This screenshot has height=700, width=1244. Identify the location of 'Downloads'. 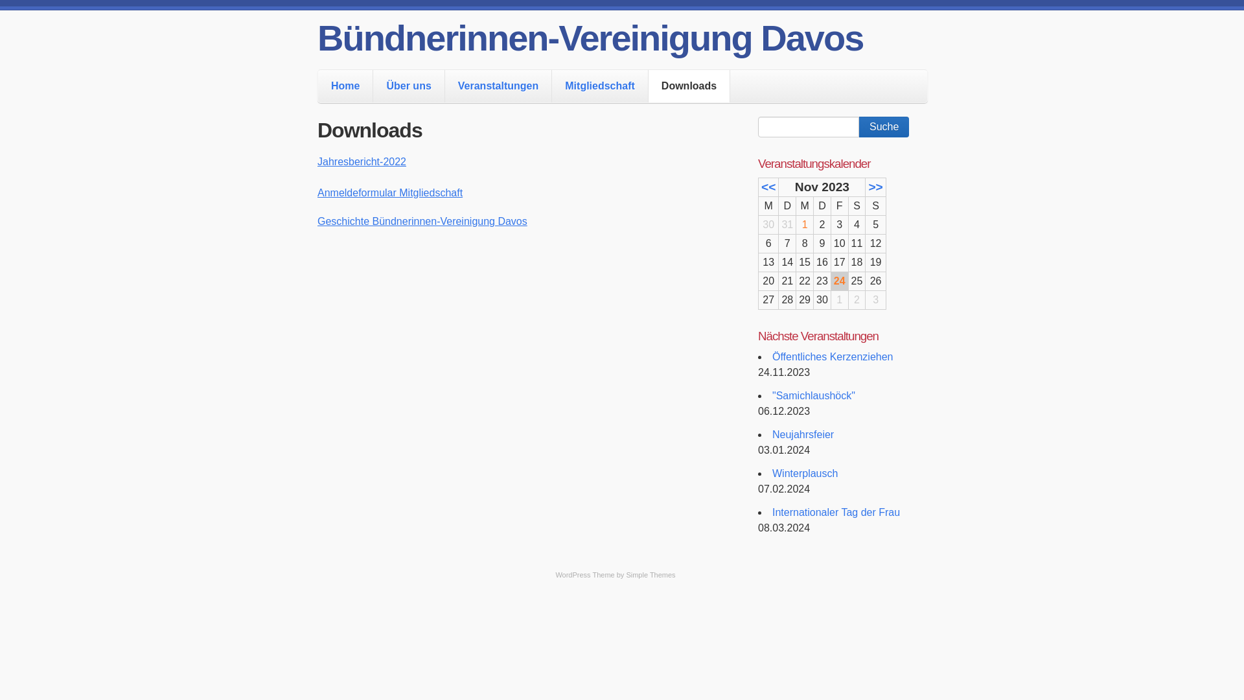
(688, 86).